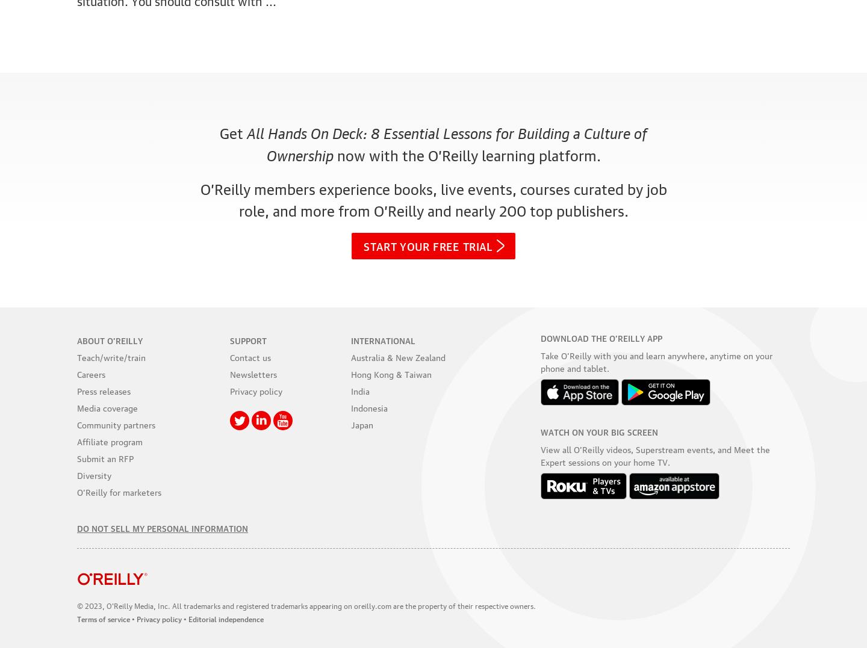  What do you see at coordinates (398, 356) in the screenshot?
I see `'Australia & New Zealand'` at bounding box center [398, 356].